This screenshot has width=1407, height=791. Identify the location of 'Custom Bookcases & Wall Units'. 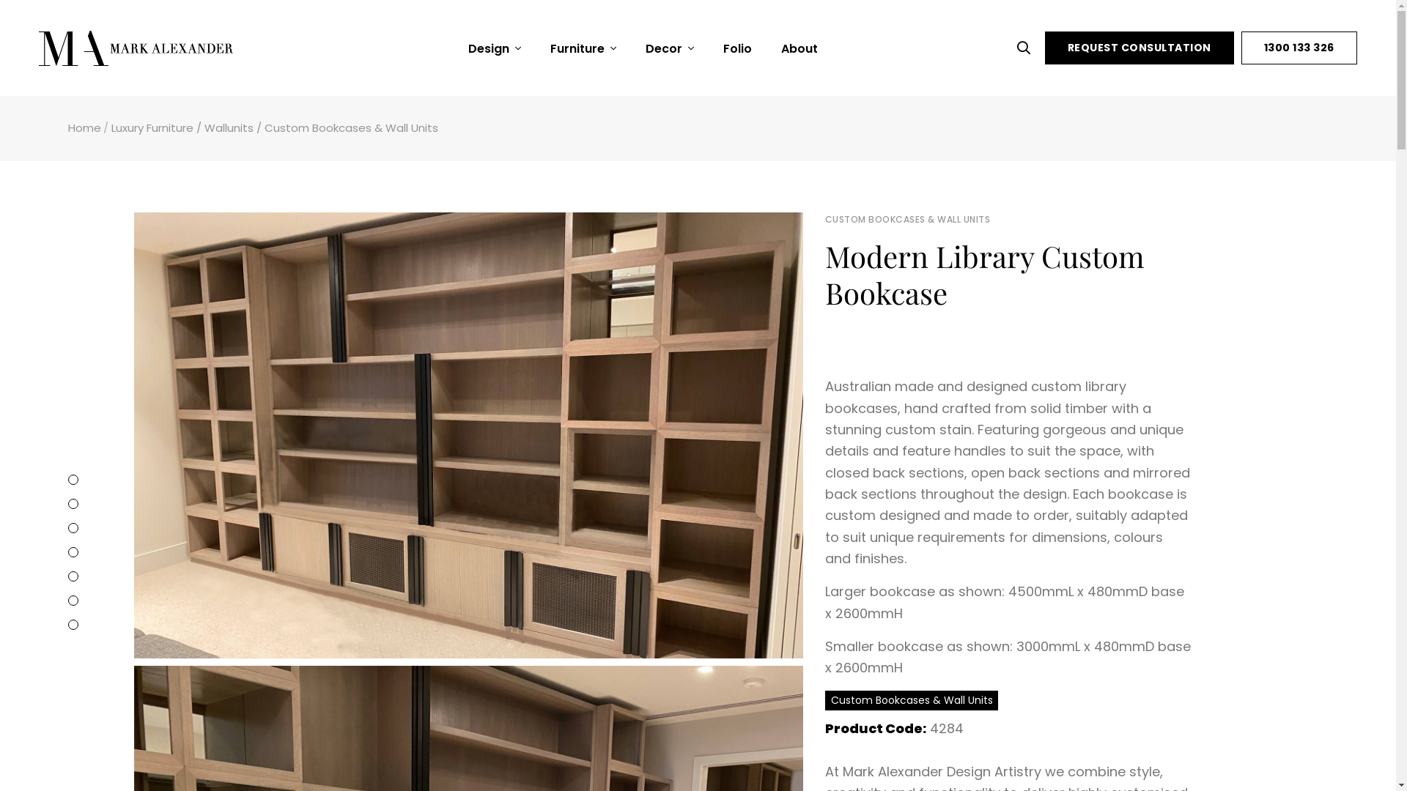
(910, 699).